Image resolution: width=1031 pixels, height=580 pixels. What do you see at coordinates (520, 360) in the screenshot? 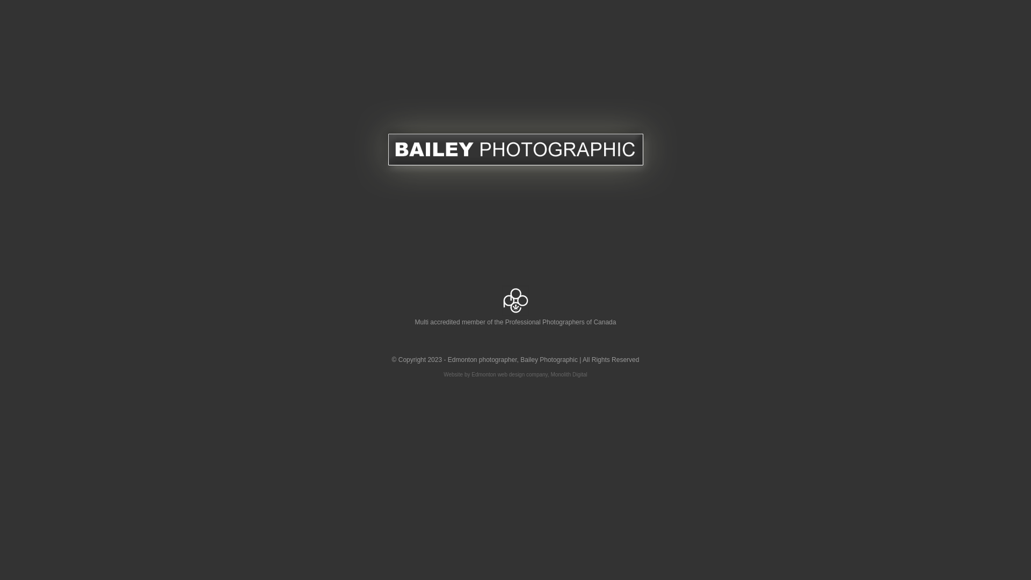
I see `'Bailey Photographic'` at bounding box center [520, 360].